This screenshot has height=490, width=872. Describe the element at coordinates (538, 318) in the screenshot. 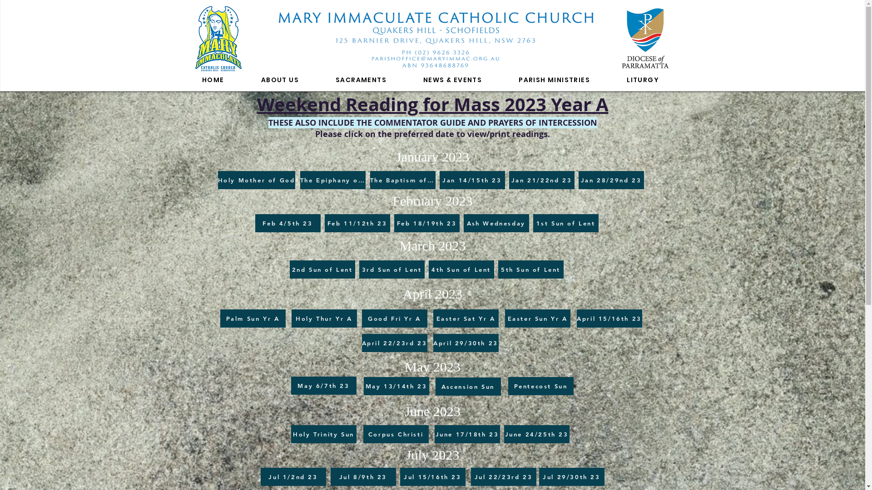

I see `'Easter Sun Yr A'` at that location.